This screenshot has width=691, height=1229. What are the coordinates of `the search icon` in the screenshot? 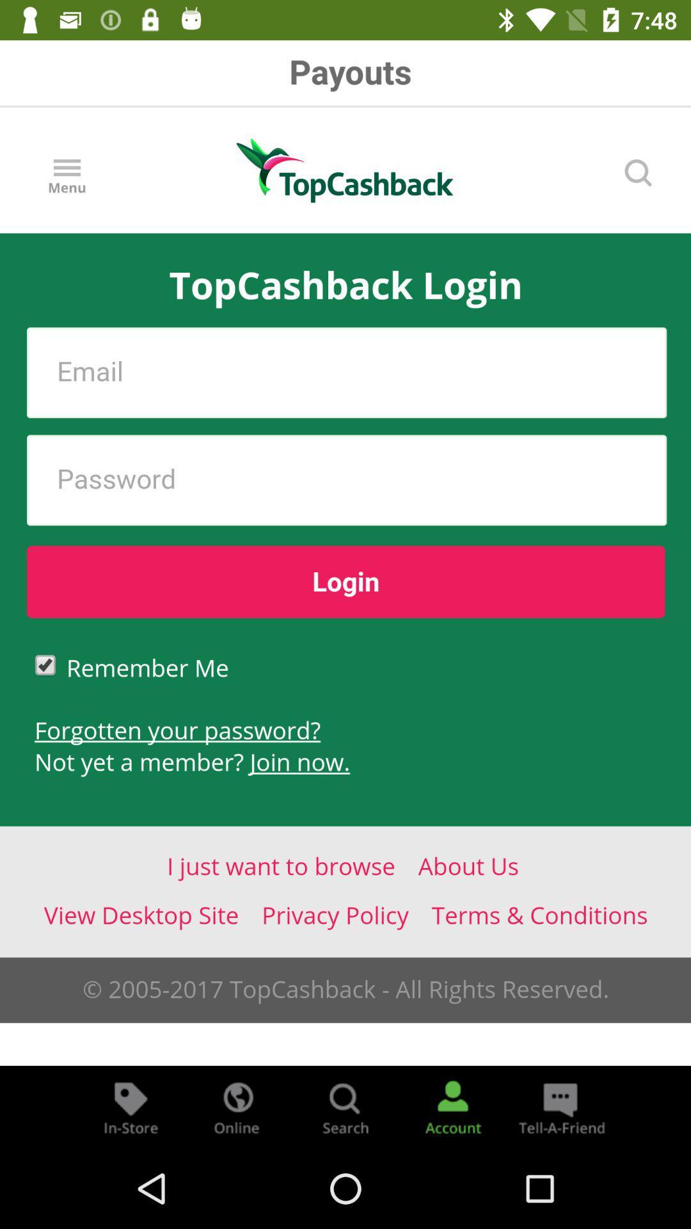 It's located at (345, 1106).